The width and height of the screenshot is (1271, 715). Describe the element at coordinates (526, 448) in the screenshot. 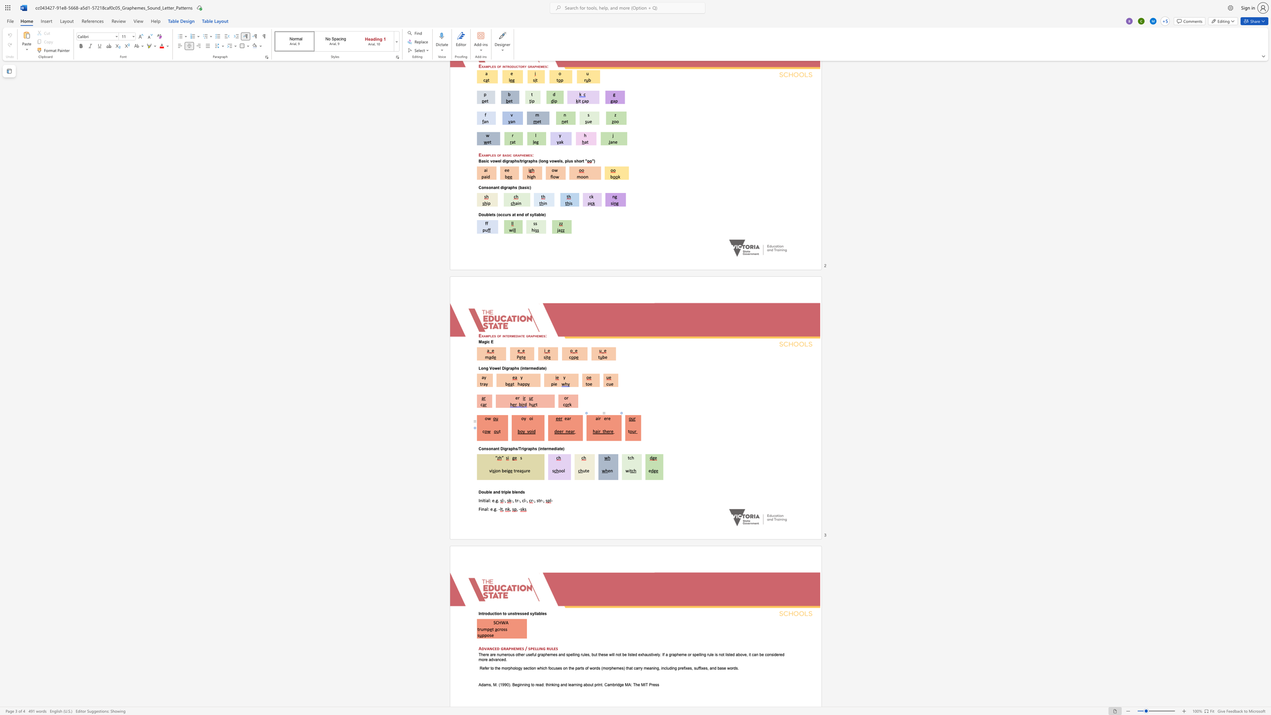

I see `the 3th character "r" in the text` at that location.